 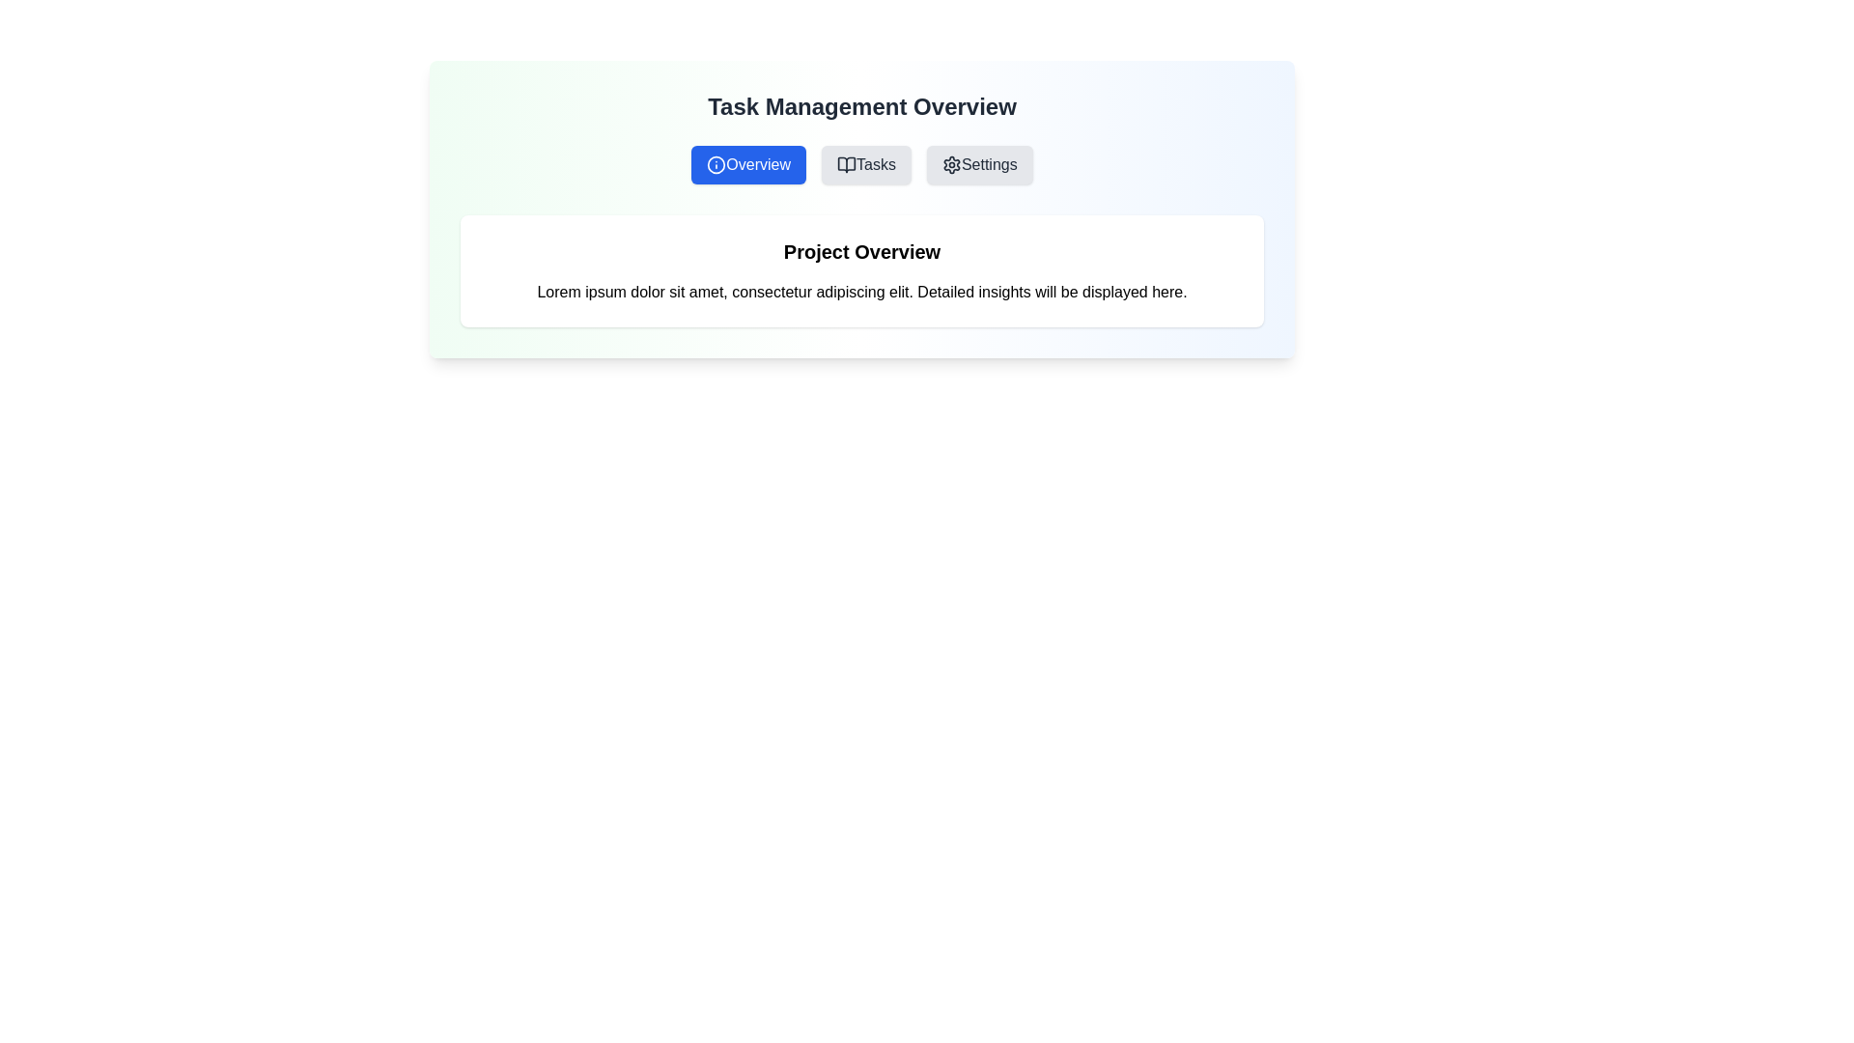 I want to click on the 'Tasks' button, which is a rounded rectangular button with a light gray background and dark text, located centrally in the upper section of the interface between the 'Overview' and 'Settings' buttons, so click(x=865, y=163).